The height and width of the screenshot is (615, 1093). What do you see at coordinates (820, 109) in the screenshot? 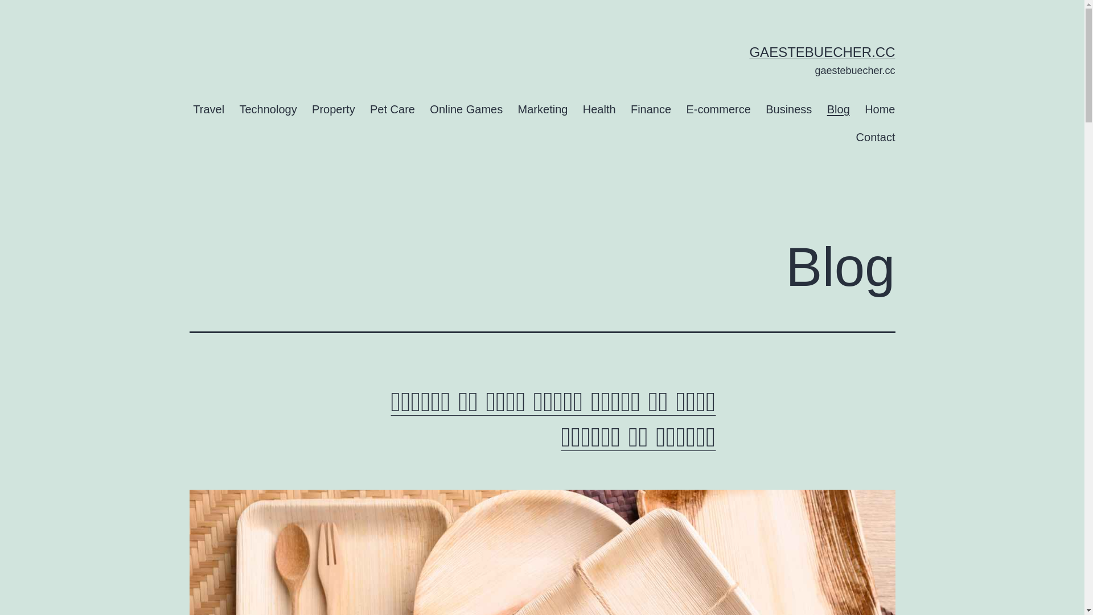
I see `'Blog'` at bounding box center [820, 109].